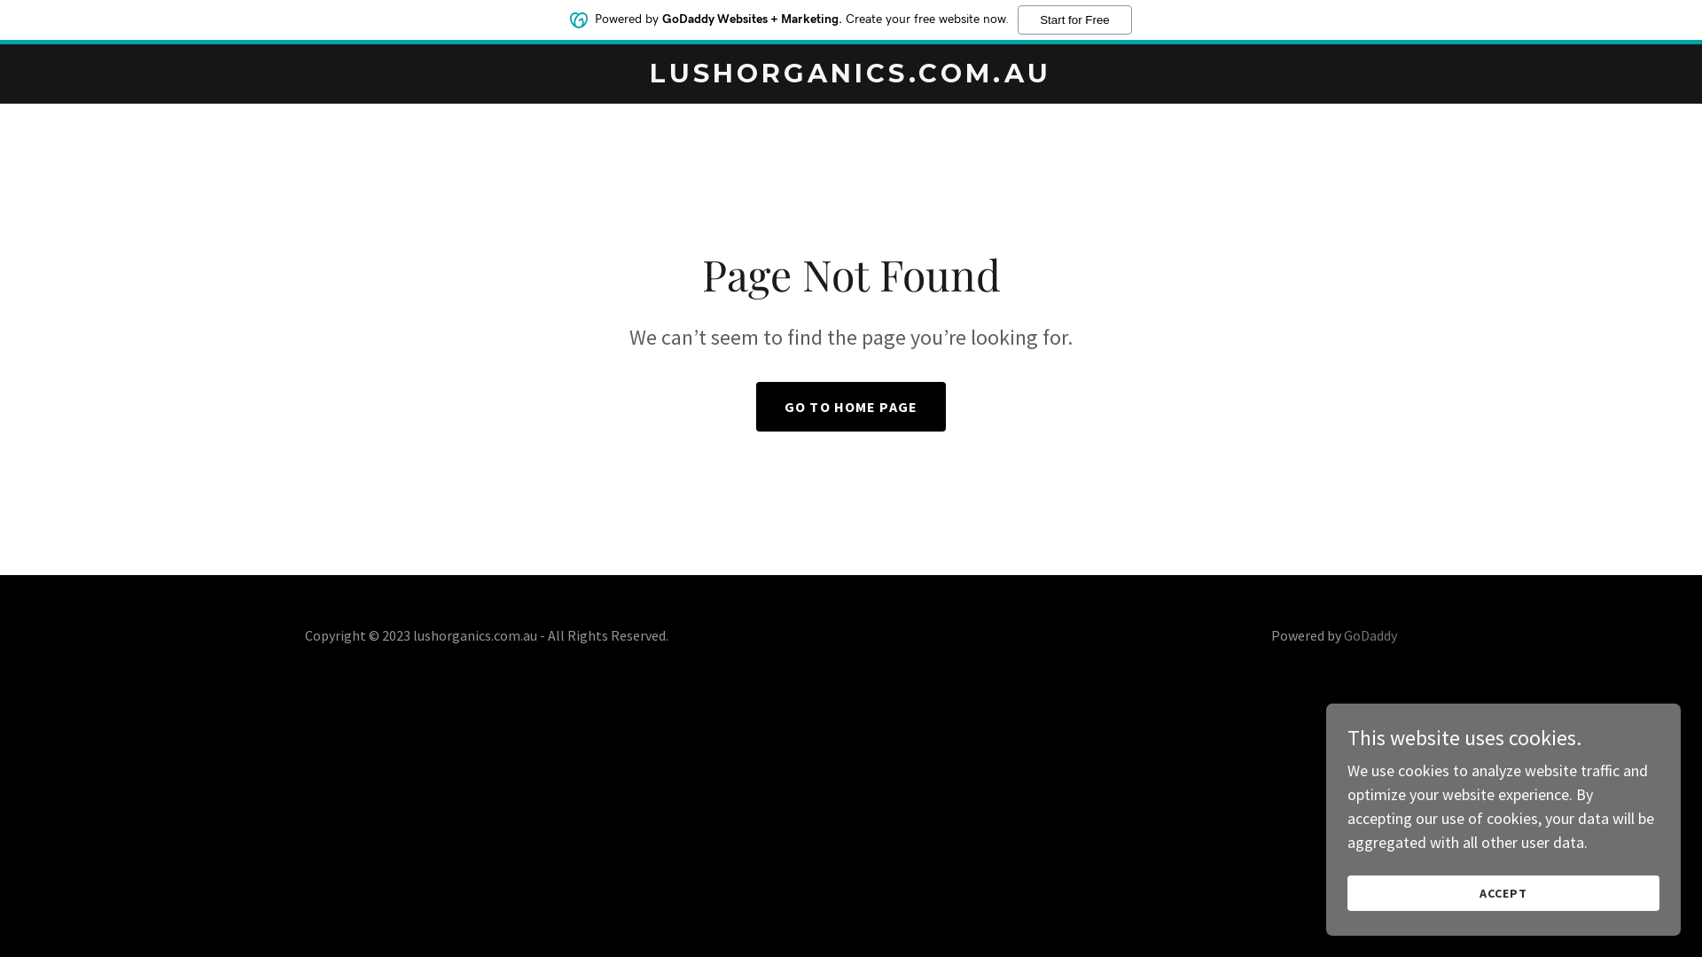  What do you see at coordinates (1369, 634) in the screenshot?
I see `'GoDaddy'` at bounding box center [1369, 634].